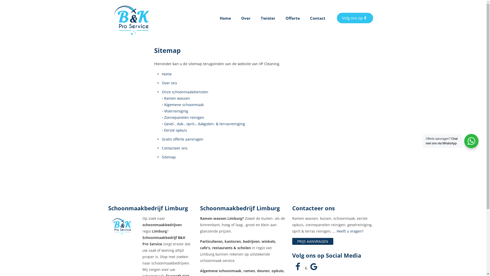  I want to click on 'Volg ons op', so click(355, 18).